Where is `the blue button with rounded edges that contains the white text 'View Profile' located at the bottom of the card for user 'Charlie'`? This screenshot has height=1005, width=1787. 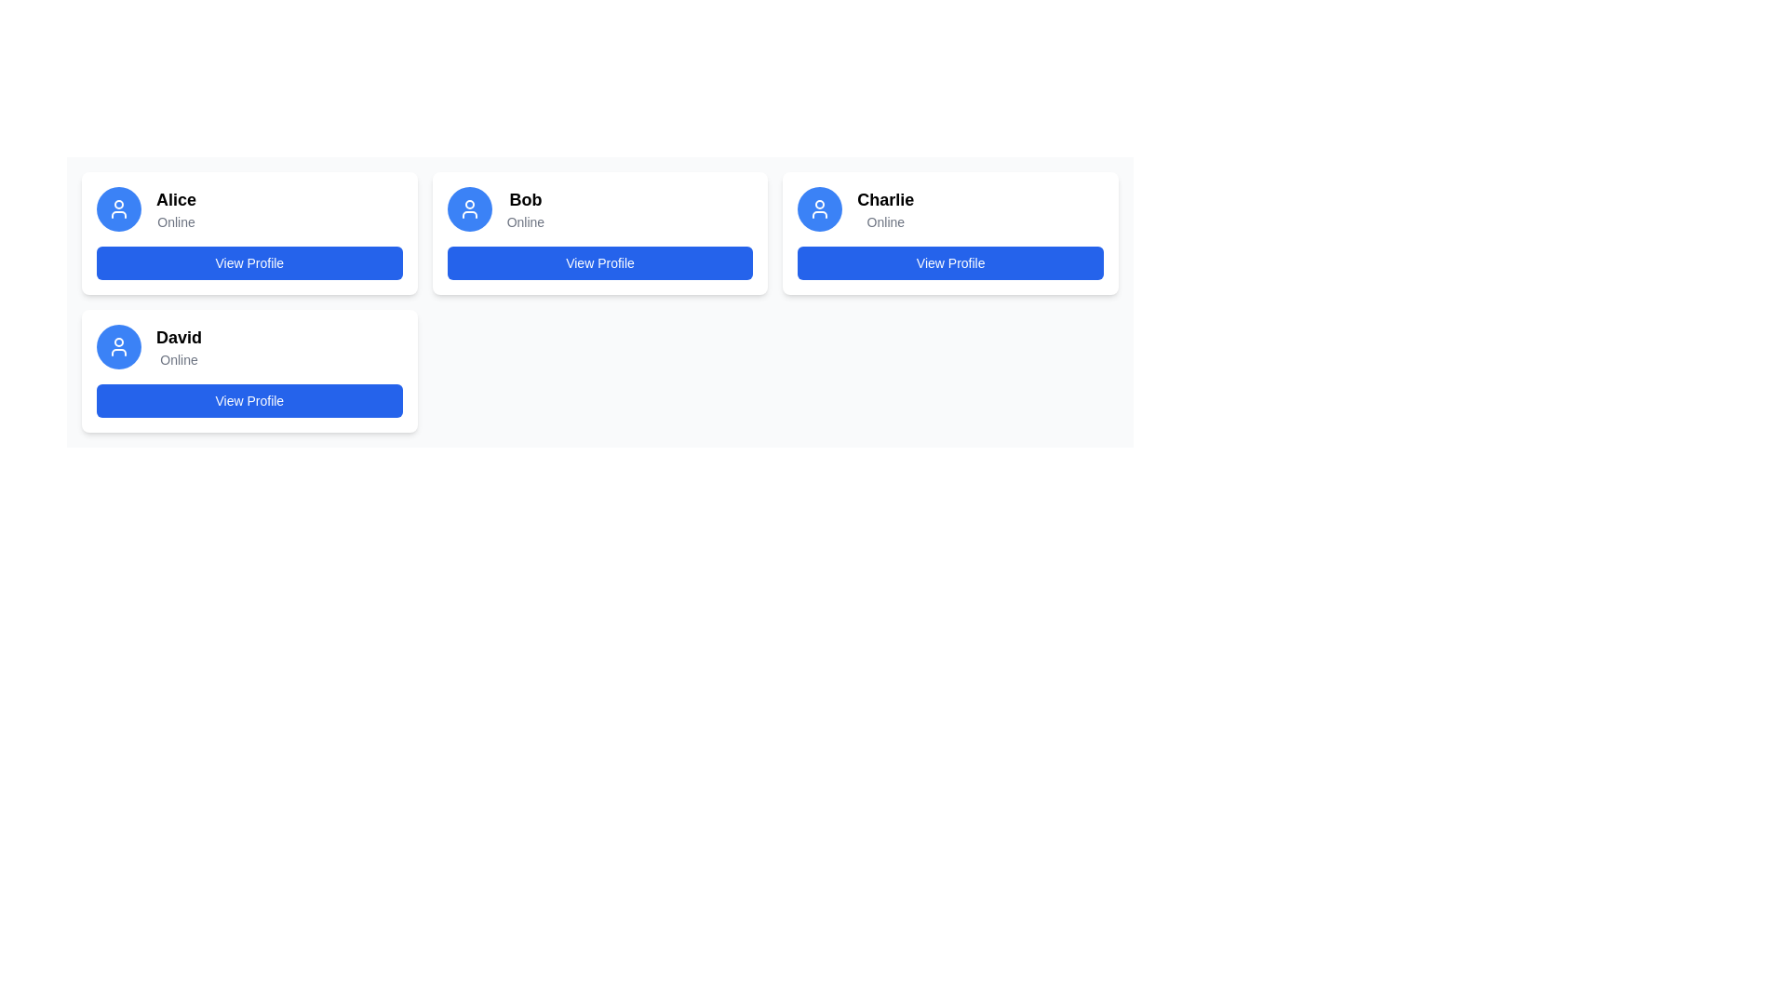 the blue button with rounded edges that contains the white text 'View Profile' located at the bottom of the card for user 'Charlie' is located at coordinates (950, 262).